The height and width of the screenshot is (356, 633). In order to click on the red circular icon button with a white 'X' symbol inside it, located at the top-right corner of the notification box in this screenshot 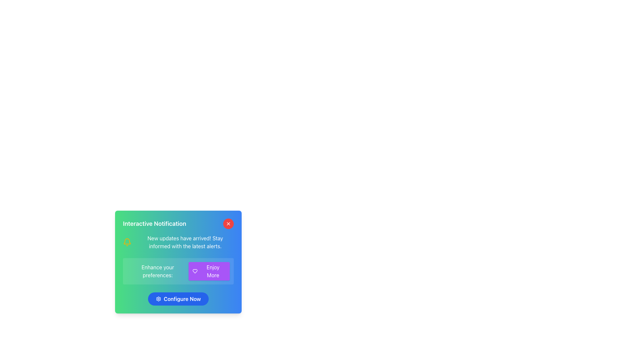, I will do `click(228, 223)`.